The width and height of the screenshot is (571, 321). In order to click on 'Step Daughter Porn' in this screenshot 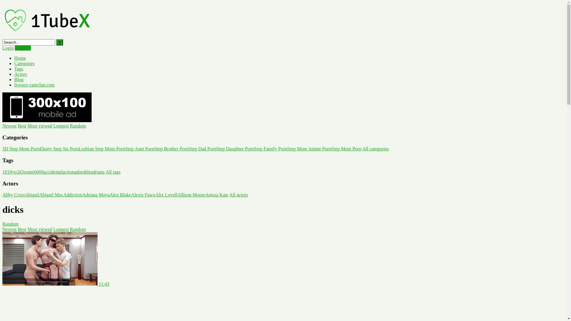, I will do `click(216, 148)`.